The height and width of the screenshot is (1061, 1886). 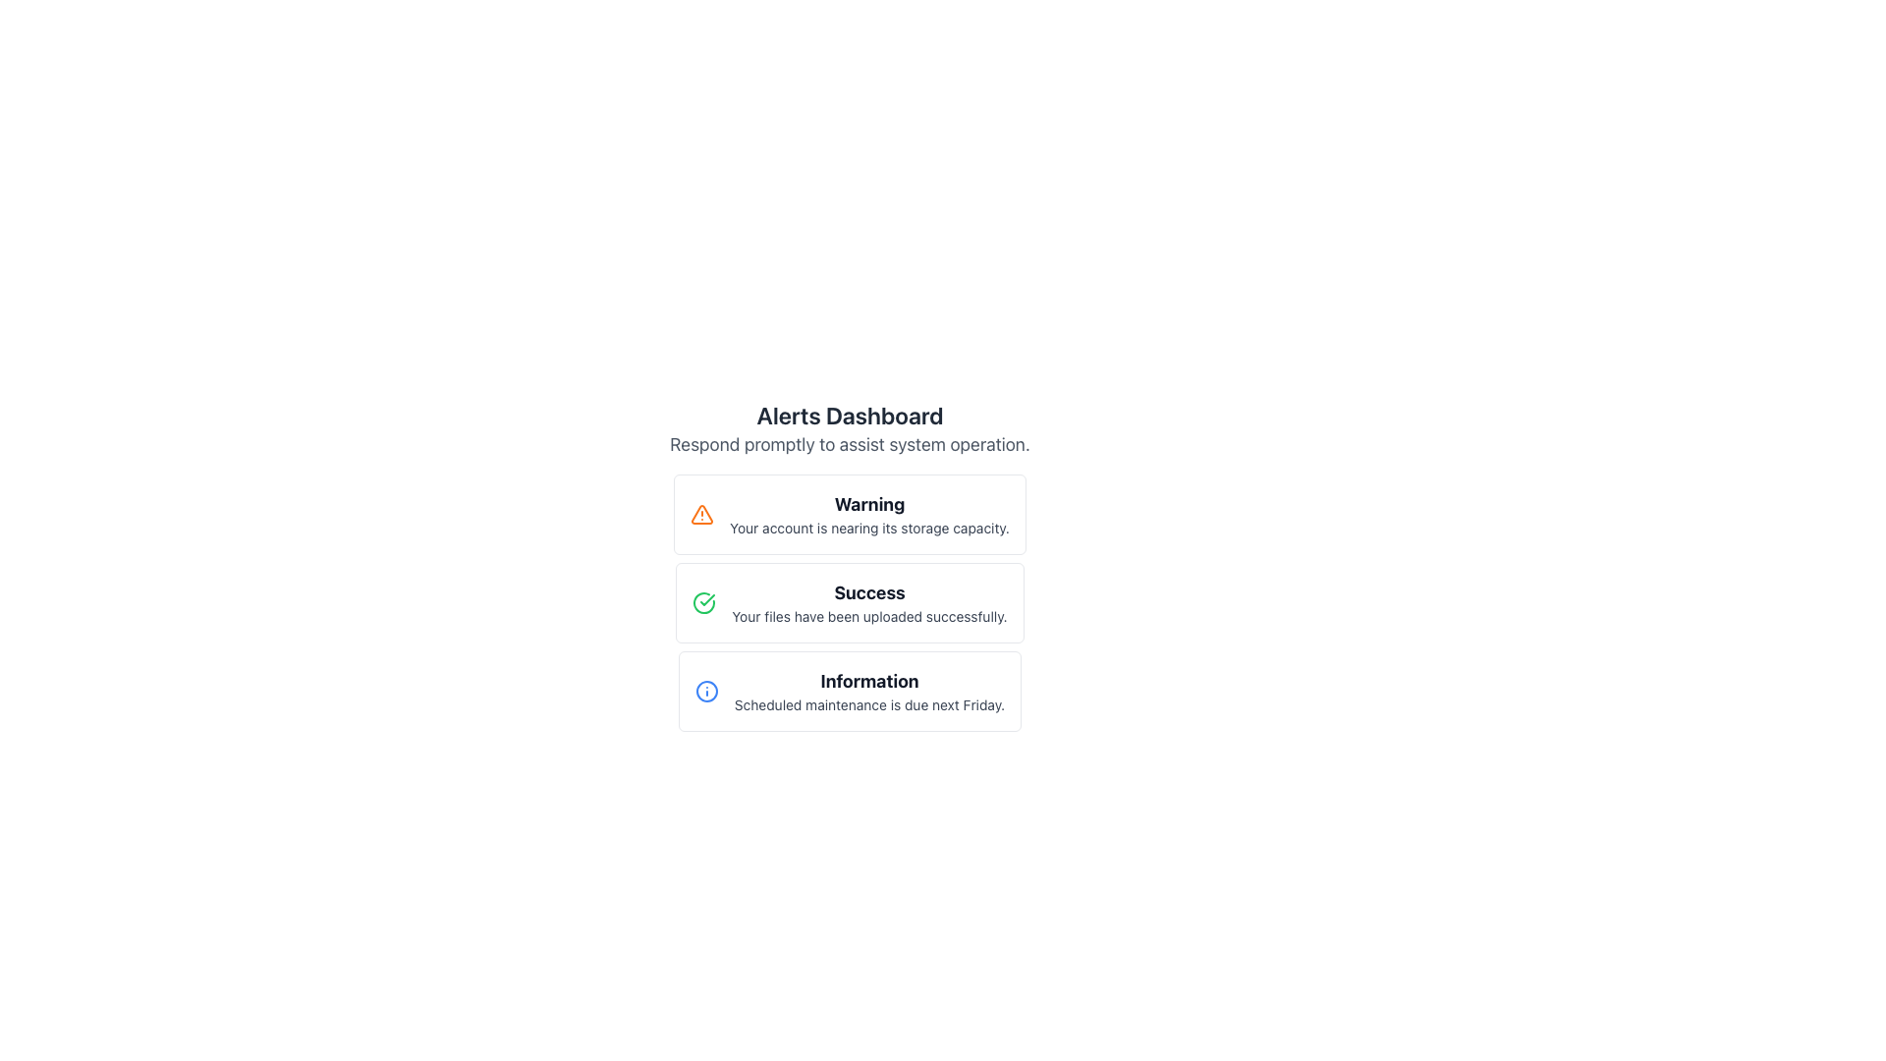 What do you see at coordinates (702, 514) in the screenshot?
I see `the alert icon that indicates a warning, located near the left side of the 'Warning' message box, aligned horizontally with the bolded 'Warning' text` at bounding box center [702, 514].